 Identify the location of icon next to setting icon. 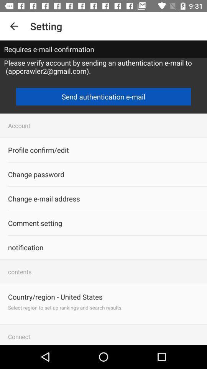
(14, 26).